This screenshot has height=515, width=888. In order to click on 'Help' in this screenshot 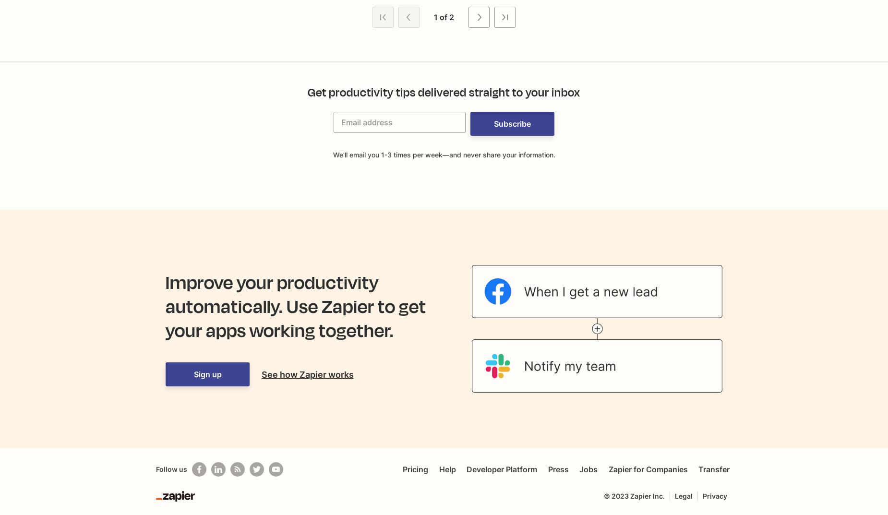, I will do `click(446, 469)`.